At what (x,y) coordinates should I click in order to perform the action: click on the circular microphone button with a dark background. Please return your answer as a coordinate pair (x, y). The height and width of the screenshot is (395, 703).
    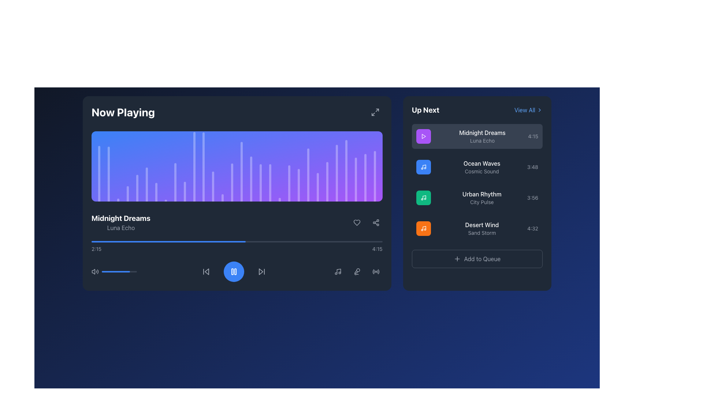
    Looking at the image, I should click on (357, 272).